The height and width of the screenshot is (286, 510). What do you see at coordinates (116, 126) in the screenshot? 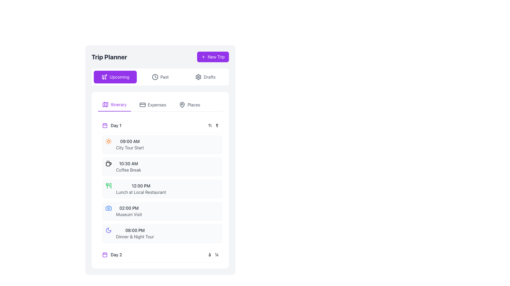
I see `the Text label that serves as a title for a specific day or segment within the planned itinerary, located to the right of the calendar icon and above the 9:00 AM event row` at bounding box center [116, 126].